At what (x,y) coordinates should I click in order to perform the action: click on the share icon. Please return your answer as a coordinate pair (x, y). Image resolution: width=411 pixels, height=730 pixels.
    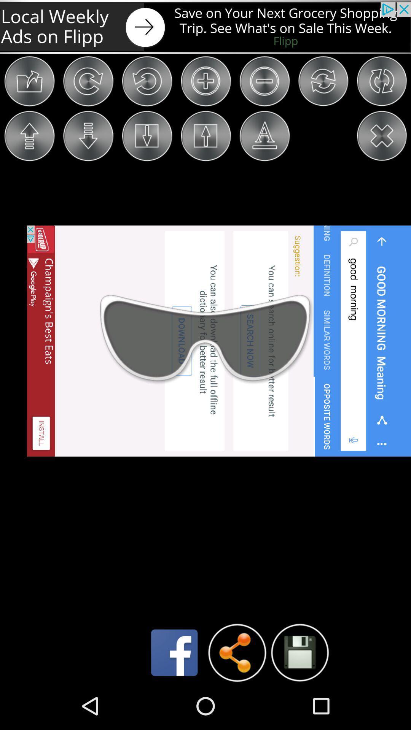
    Looking at the image, I should click on (237, 698).